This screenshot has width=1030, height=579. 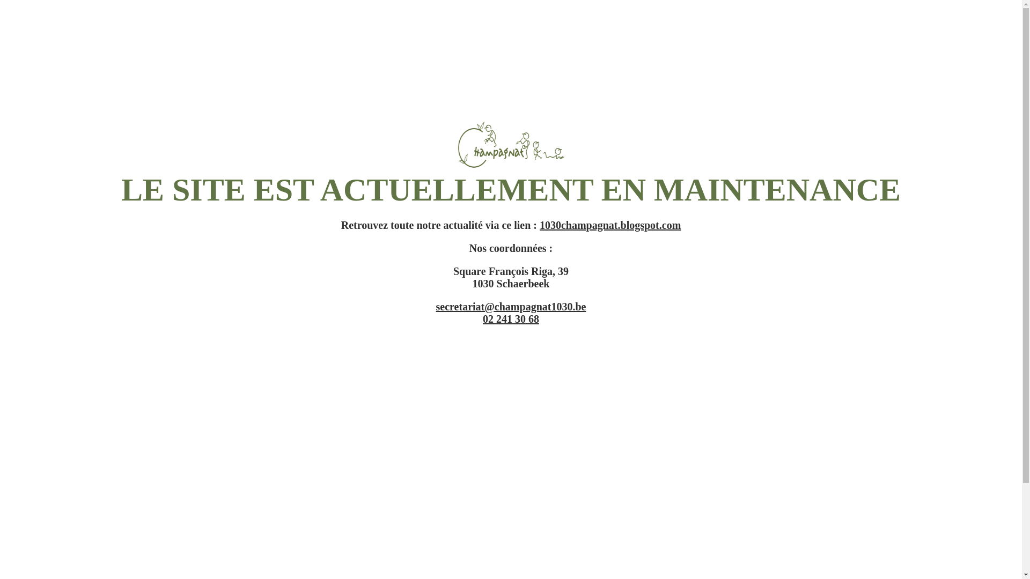 What do you see at coordinates (436, 306) in the screenshot?
I see `'secretariat@champagnat1030.be'` at bounding box center [436, 306].